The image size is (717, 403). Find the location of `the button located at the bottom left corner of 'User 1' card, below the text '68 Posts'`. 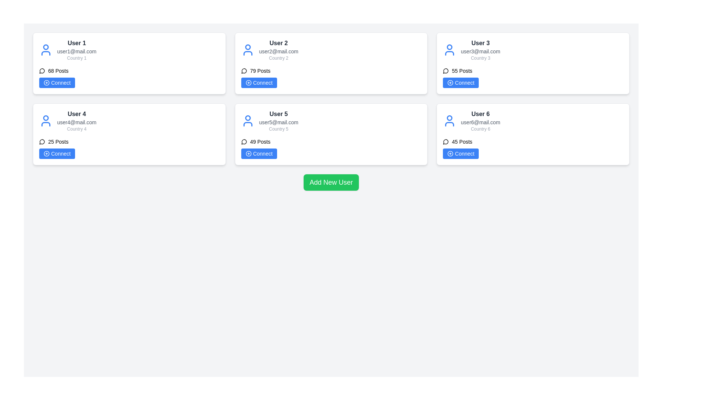

the button located at the bottom left corner of 'User 1' card, below the text '68 Posts' is located at coordinates (57, 83).